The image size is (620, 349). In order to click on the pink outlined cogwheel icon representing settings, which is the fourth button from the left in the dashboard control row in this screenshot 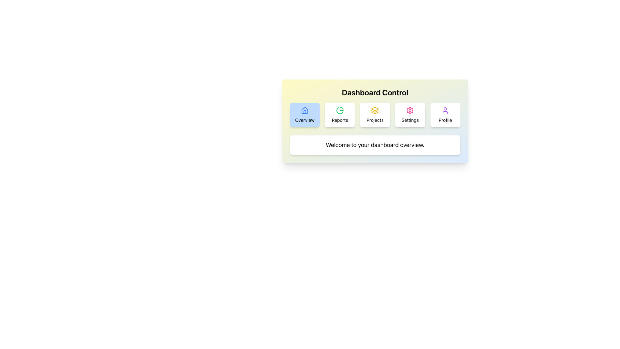, I will do `click(410, 110)`.